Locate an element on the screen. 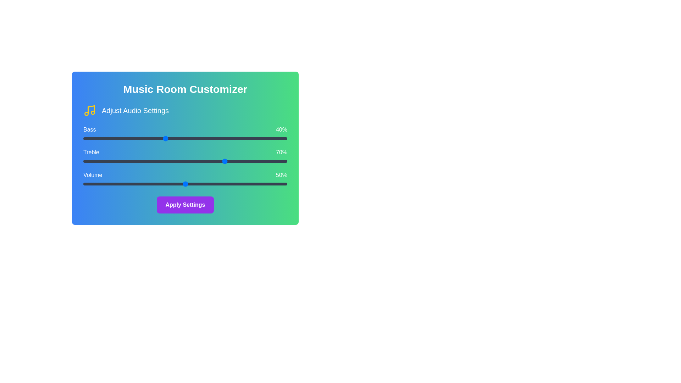 Image resolution: width=681 pixels, height=383 pixels. 'Apply Settings' button to confirm changes is located at coordinates (185, 205).